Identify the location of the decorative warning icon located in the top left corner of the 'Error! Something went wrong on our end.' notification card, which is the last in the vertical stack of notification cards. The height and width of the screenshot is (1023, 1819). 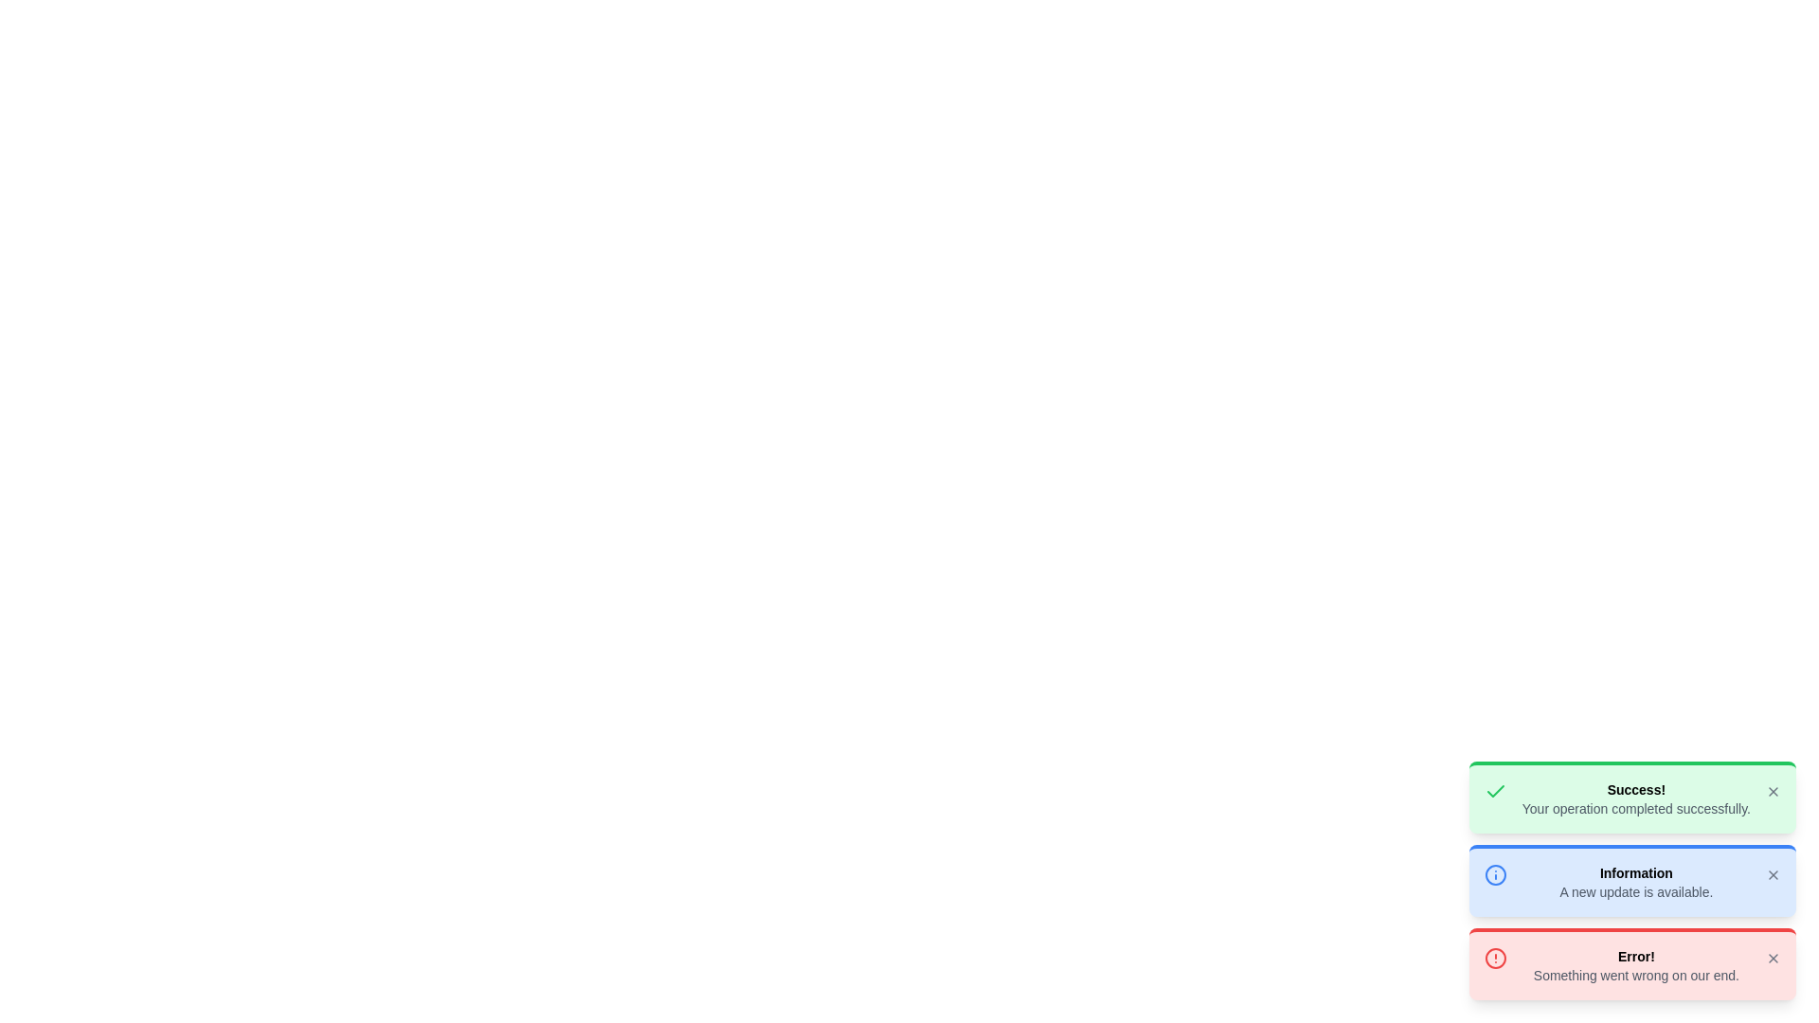
(1494, 958).